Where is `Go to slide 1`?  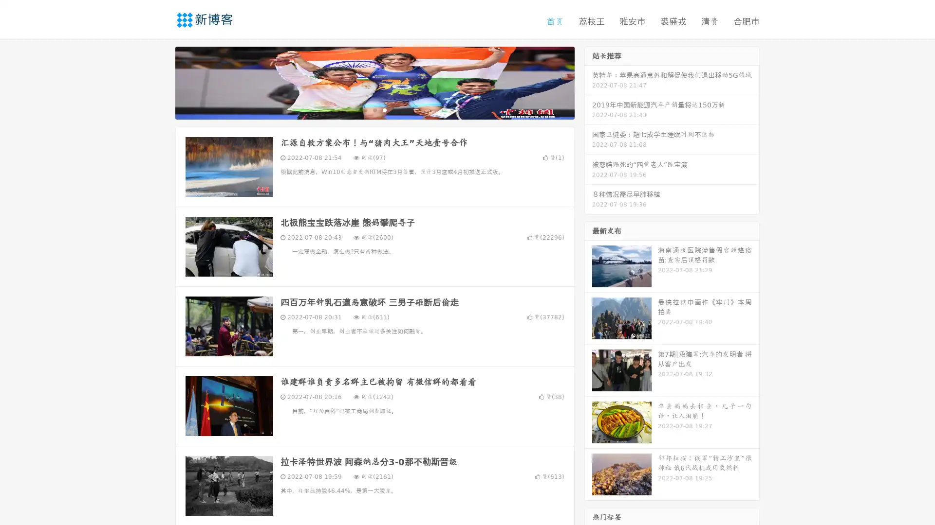
Go to slide 1 is located at coordinates (364, 109).